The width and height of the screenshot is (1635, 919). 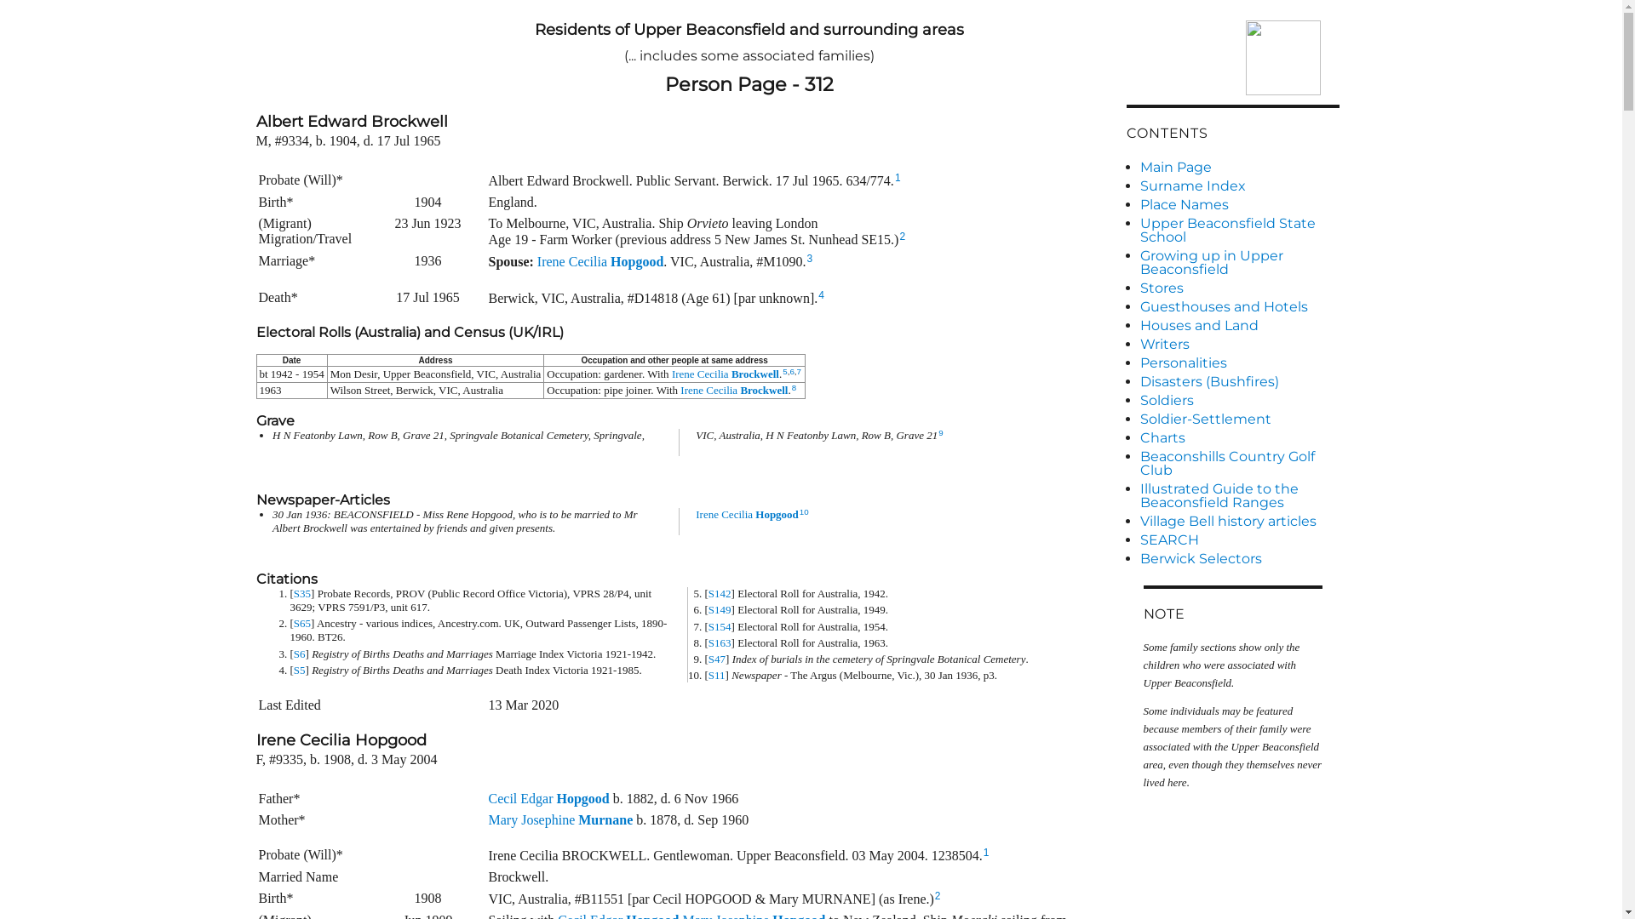 I want to click on 'Village Bell history articles', so click(x=1238, y=521).